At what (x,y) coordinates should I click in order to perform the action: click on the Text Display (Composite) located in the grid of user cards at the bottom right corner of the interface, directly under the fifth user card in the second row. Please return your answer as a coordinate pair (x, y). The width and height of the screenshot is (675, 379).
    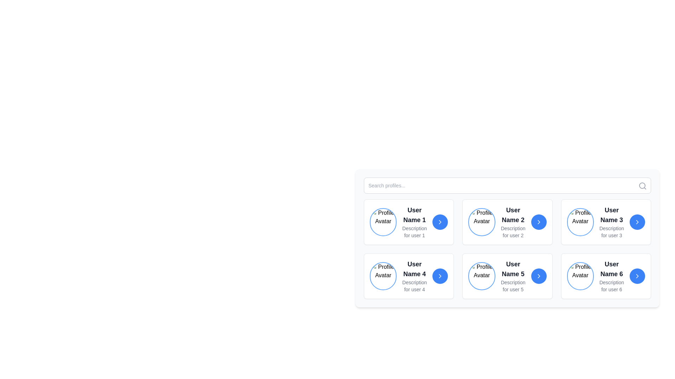
    Looking at the image, I should click on (611, 275).